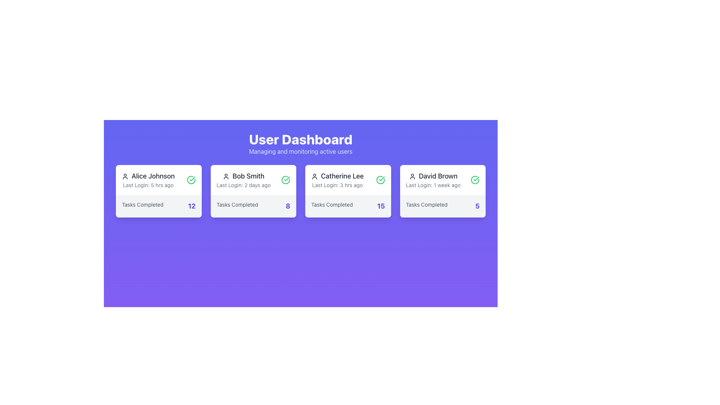 This screenshot has width=720, height=405. What do you see at coordinates (158, 206) in the screenshot?
I see `the Static Information Display element that shows 'Tasks Completed 12', located at the bottom of Alice Johnson's card` at bounding box center [158, 206].